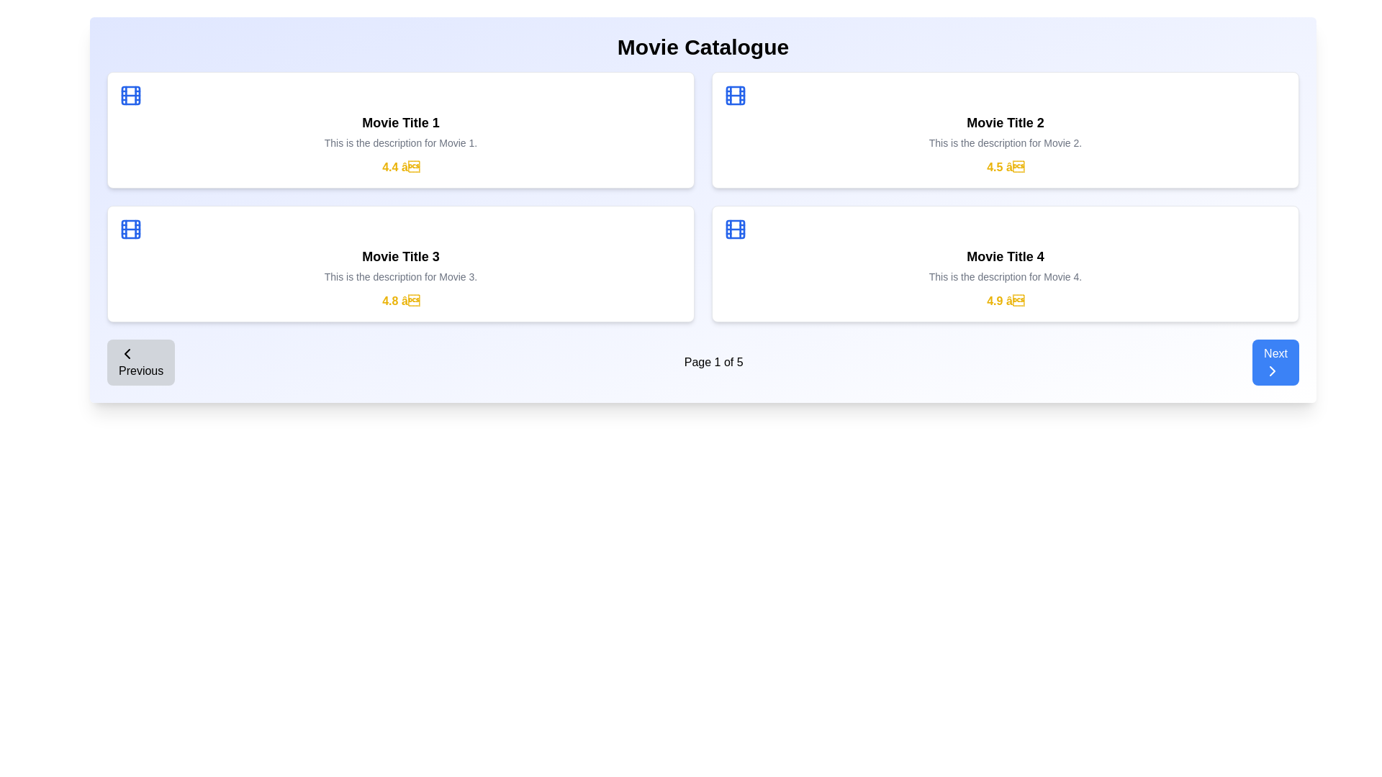  I want to click on the Information card representing the movie entry, located in the bottom-right corner of the layout, which provides the movie title, description, and rating, so click(1004, 263).